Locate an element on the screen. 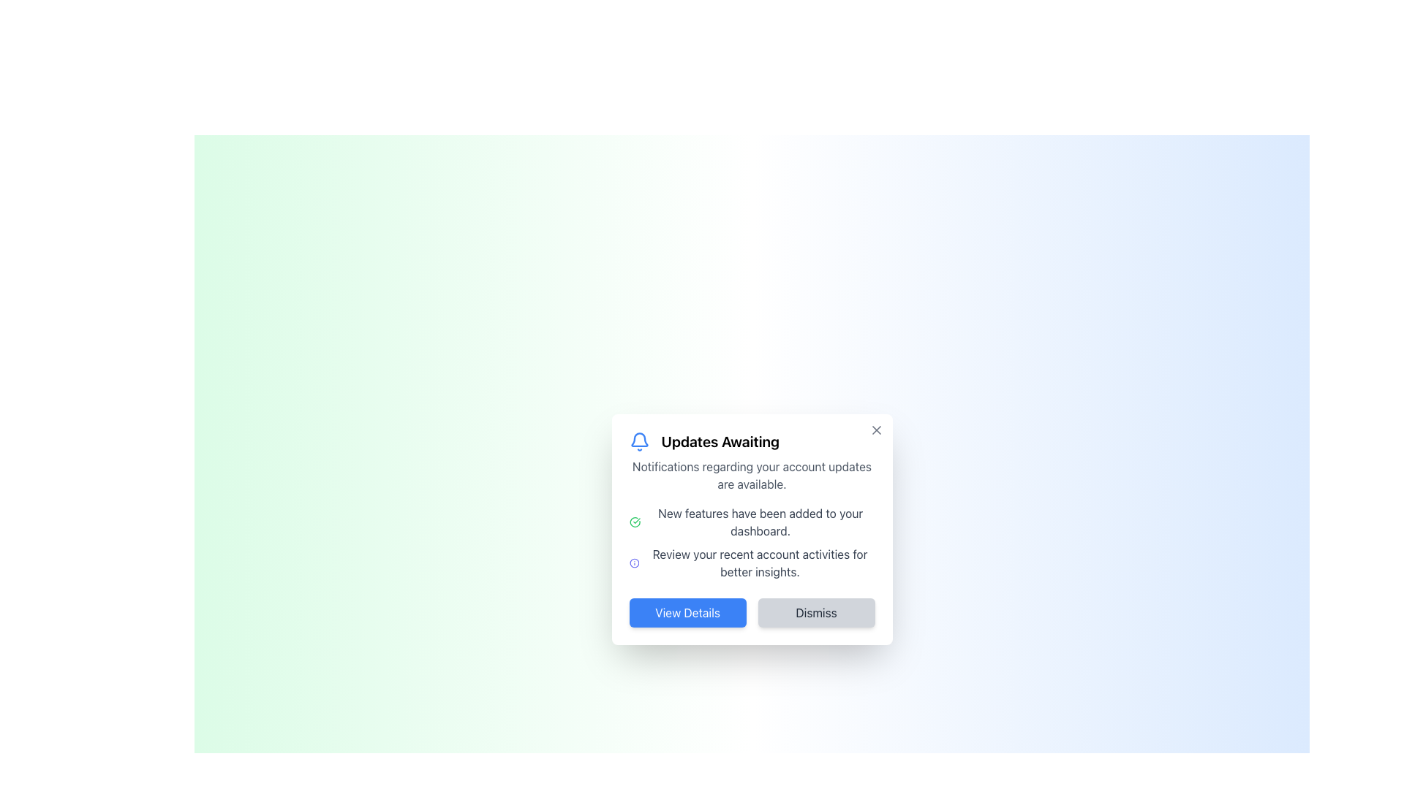 The height and width of the screenshot is (789, 1404). the notification icon located inside the 'Updates Awaiting' box, positioned to the left of the title text is located at coordinates (639, 441).